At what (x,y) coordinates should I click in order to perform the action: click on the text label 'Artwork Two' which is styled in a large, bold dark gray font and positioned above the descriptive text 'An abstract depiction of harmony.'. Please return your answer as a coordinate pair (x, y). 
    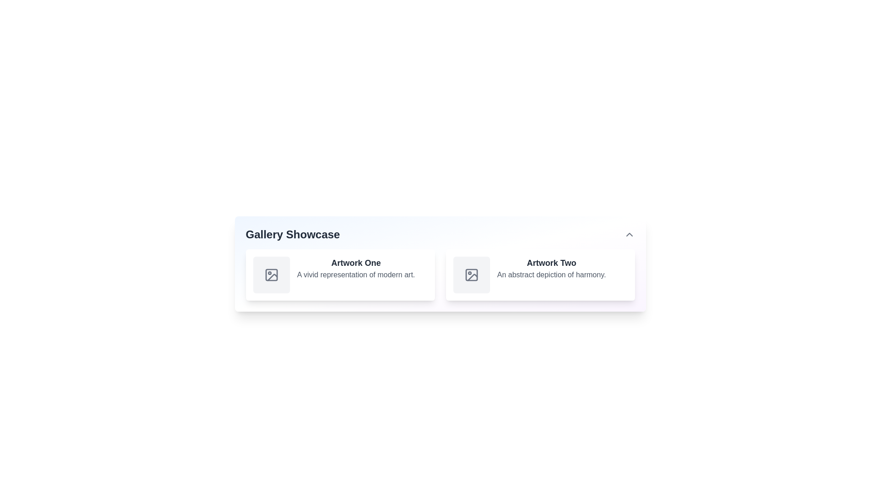
    Looking at the image, I should click on (551, 263).